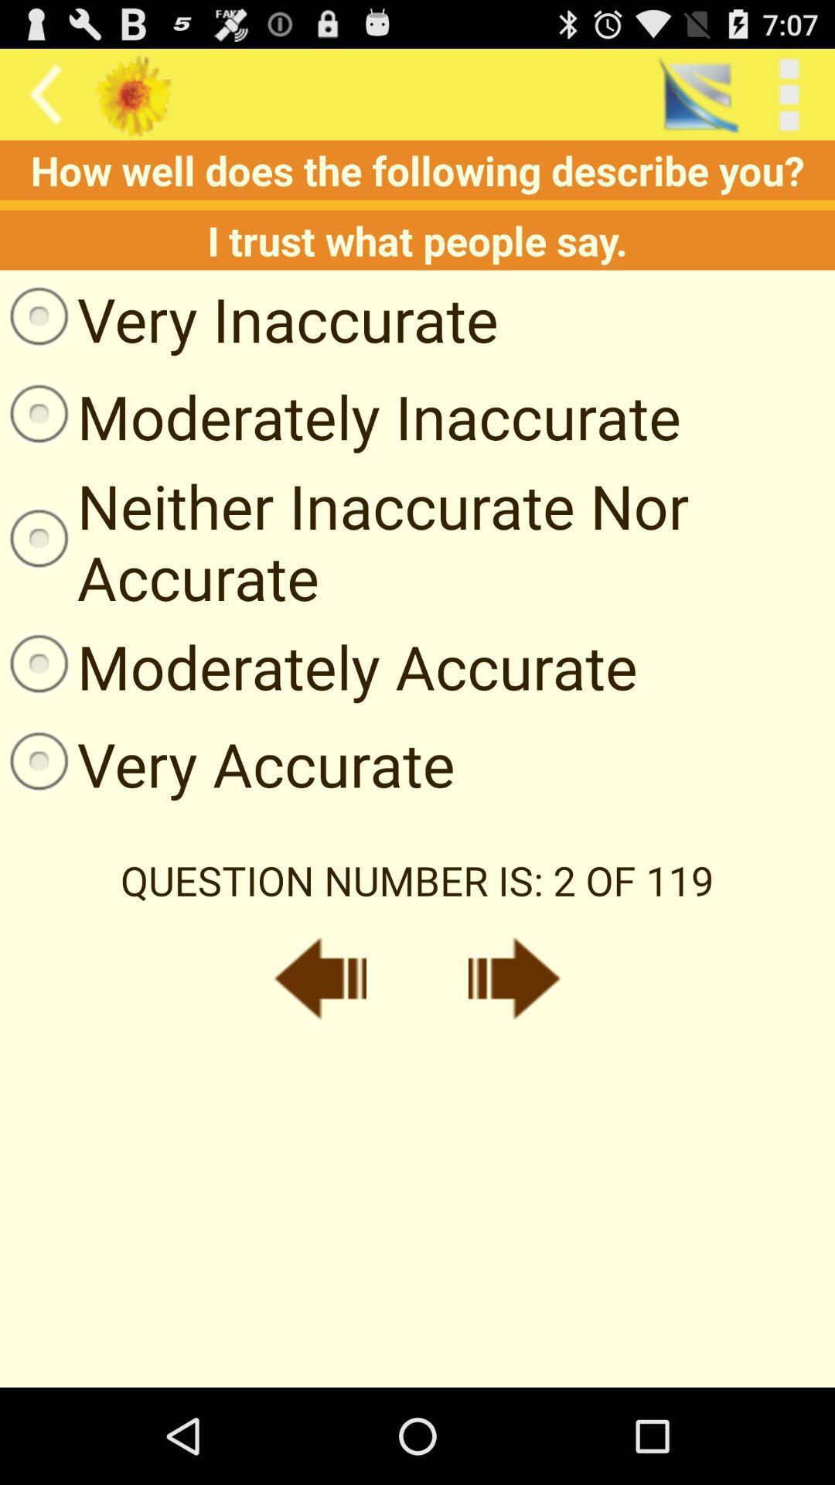  I want to click on the moderately inaccurate item, so click(339, 416).